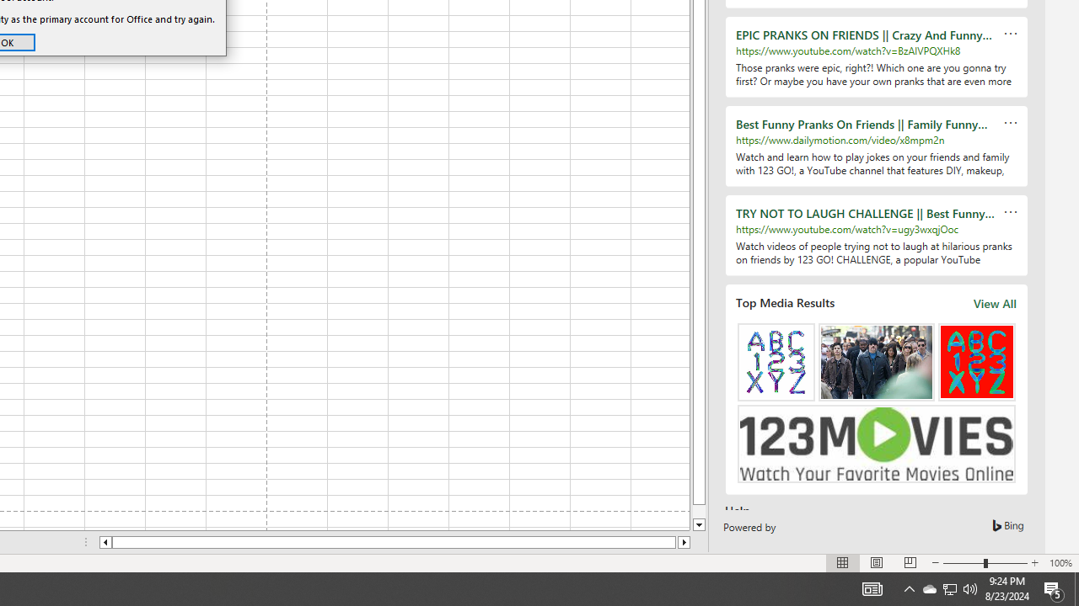 This screenshot has height=606, width=1079. Describe the element at coordinates (909, 587) in the screenshot. I see `'Notification Chevron'` at that location.